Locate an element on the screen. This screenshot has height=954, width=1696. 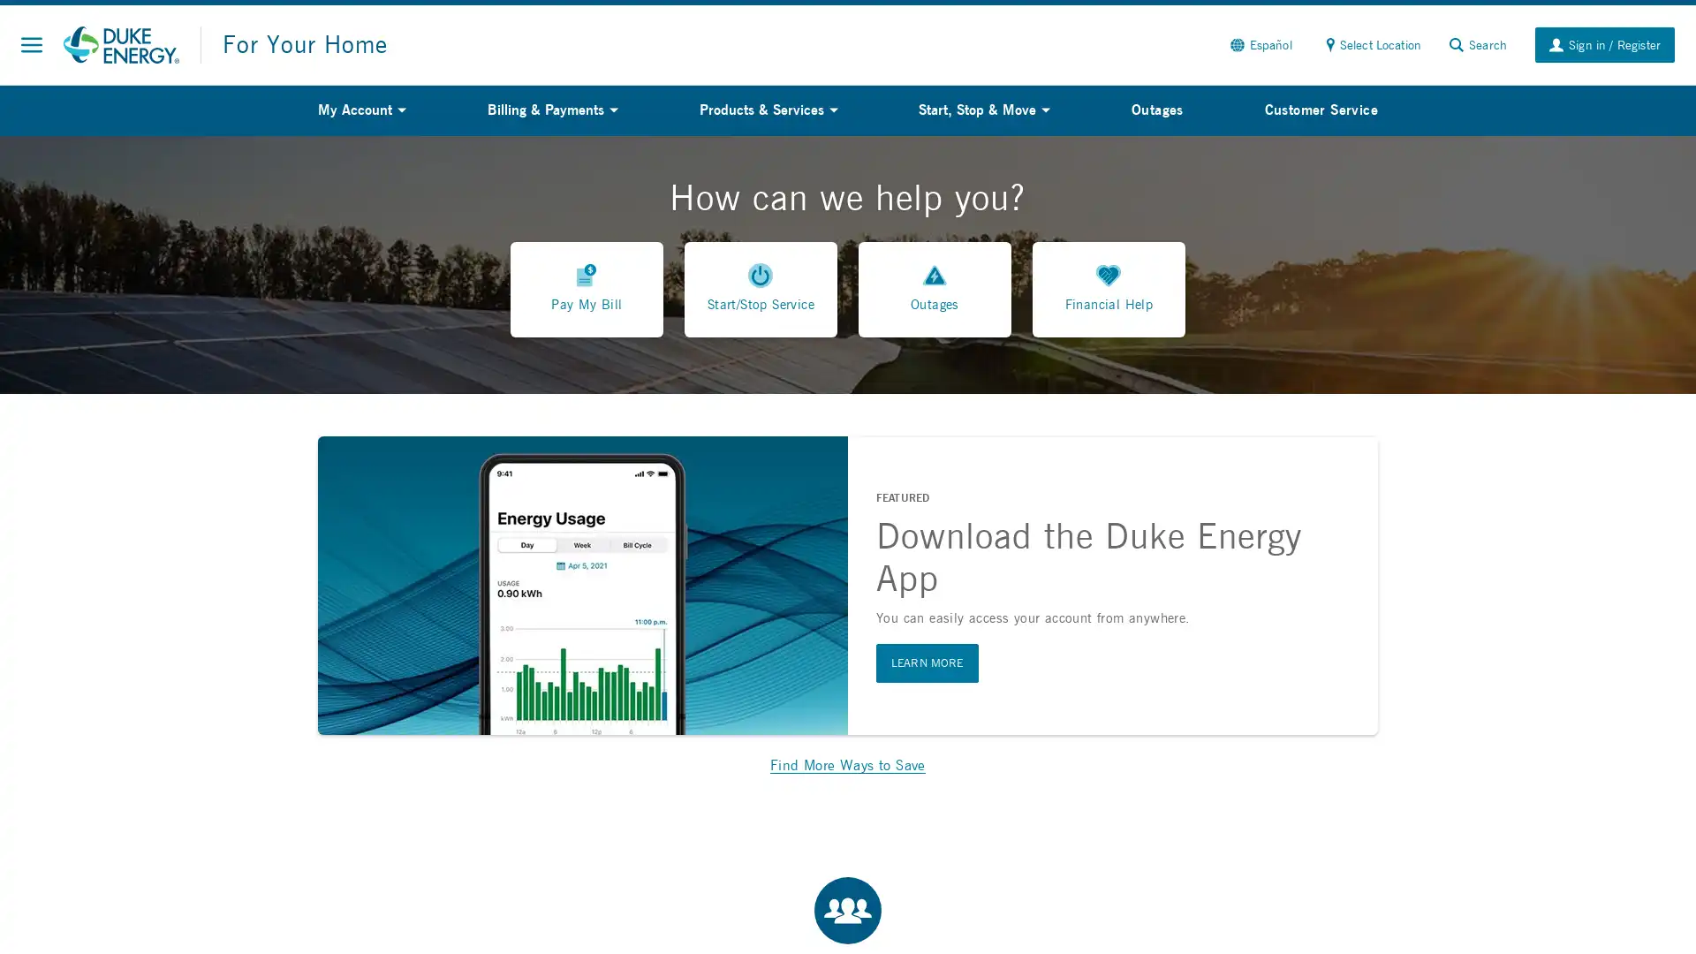
Espanol is located at coordinates (1259, 43).